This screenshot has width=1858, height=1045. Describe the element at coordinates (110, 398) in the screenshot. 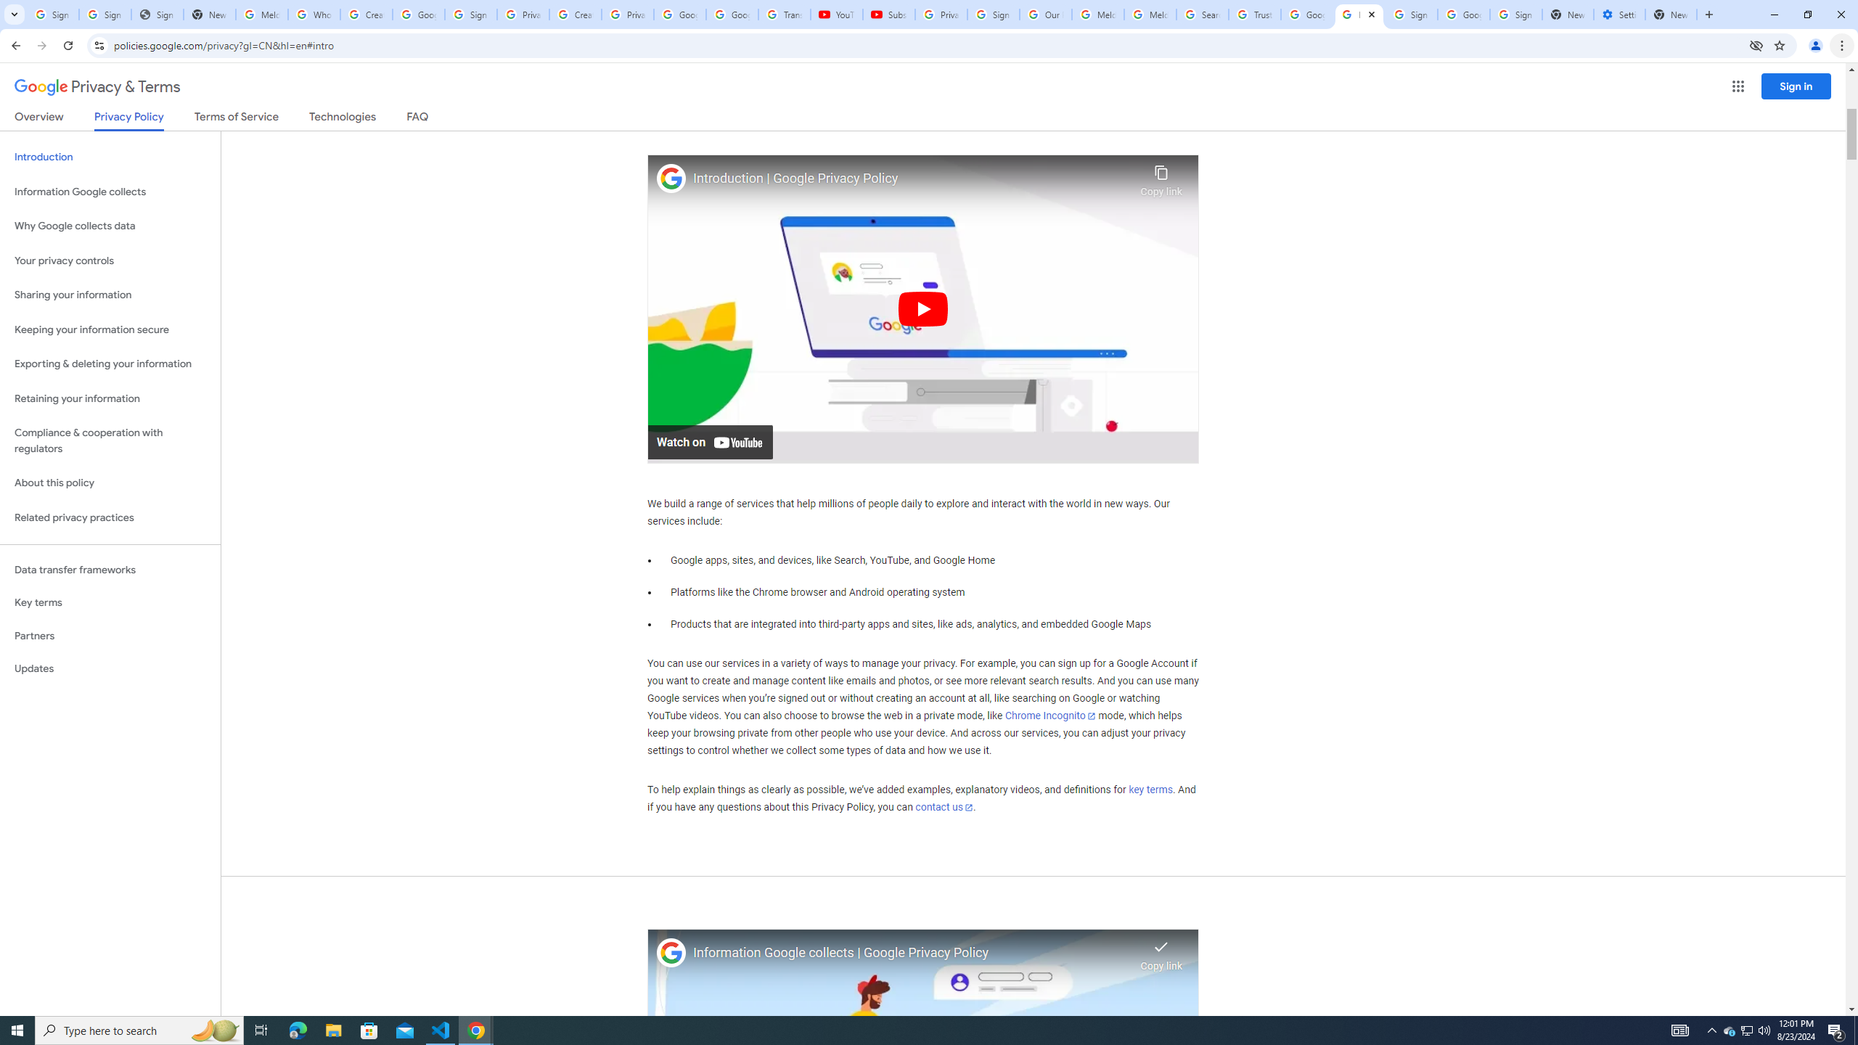

I see `'Retaining your information'` at that location.